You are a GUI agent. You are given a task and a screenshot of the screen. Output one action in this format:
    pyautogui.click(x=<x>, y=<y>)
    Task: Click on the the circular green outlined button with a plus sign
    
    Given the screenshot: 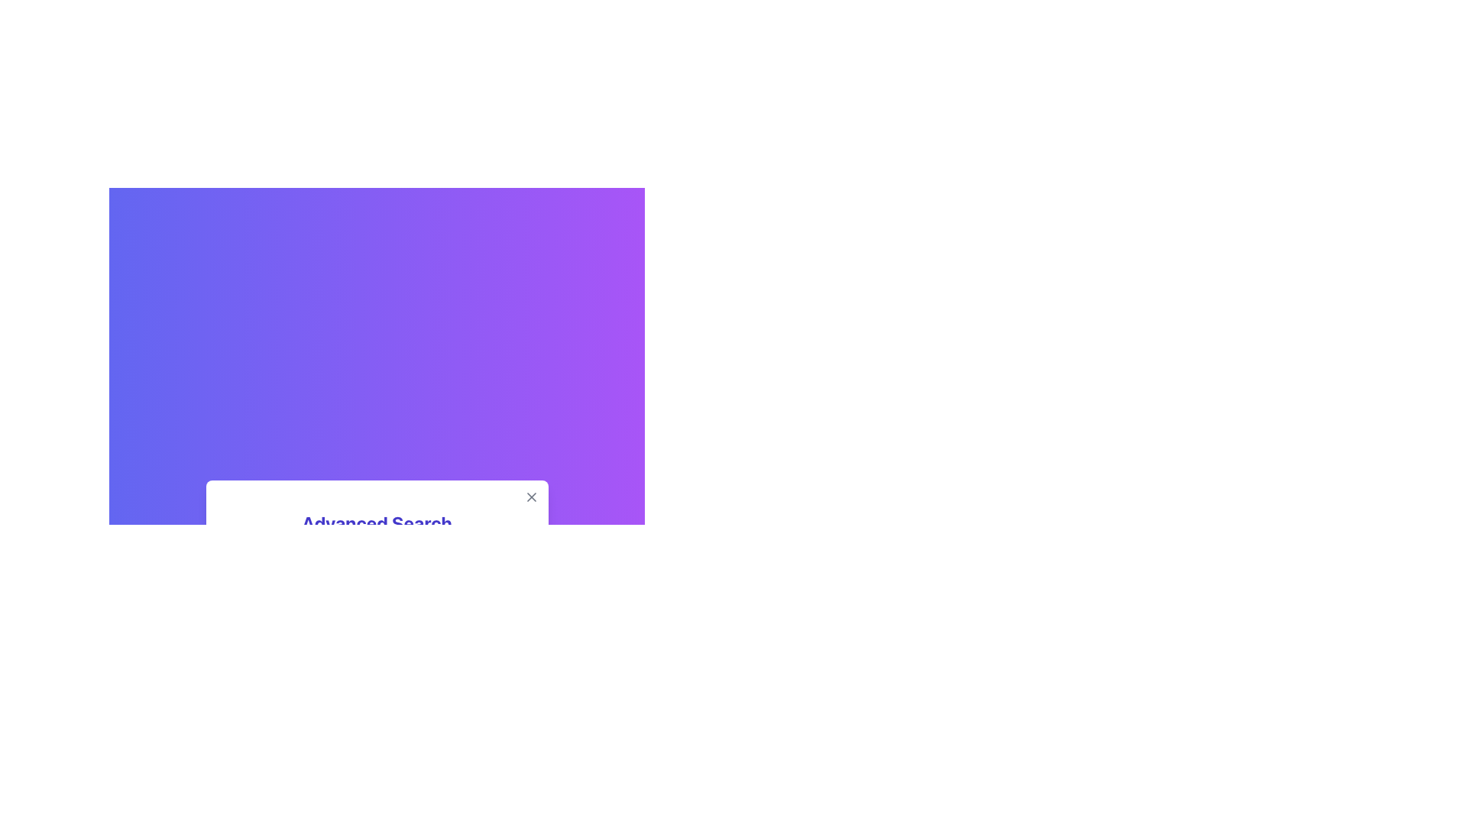 What is the action you would take?
    pyautogui.click(x=513, y=685)
    